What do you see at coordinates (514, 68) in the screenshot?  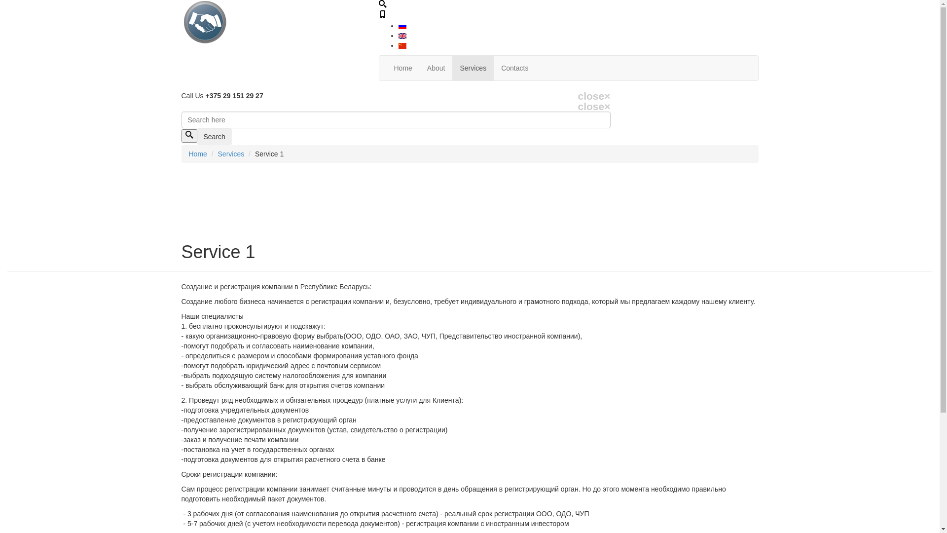 I see `'Contacts'` at bounding box center [514, 68].